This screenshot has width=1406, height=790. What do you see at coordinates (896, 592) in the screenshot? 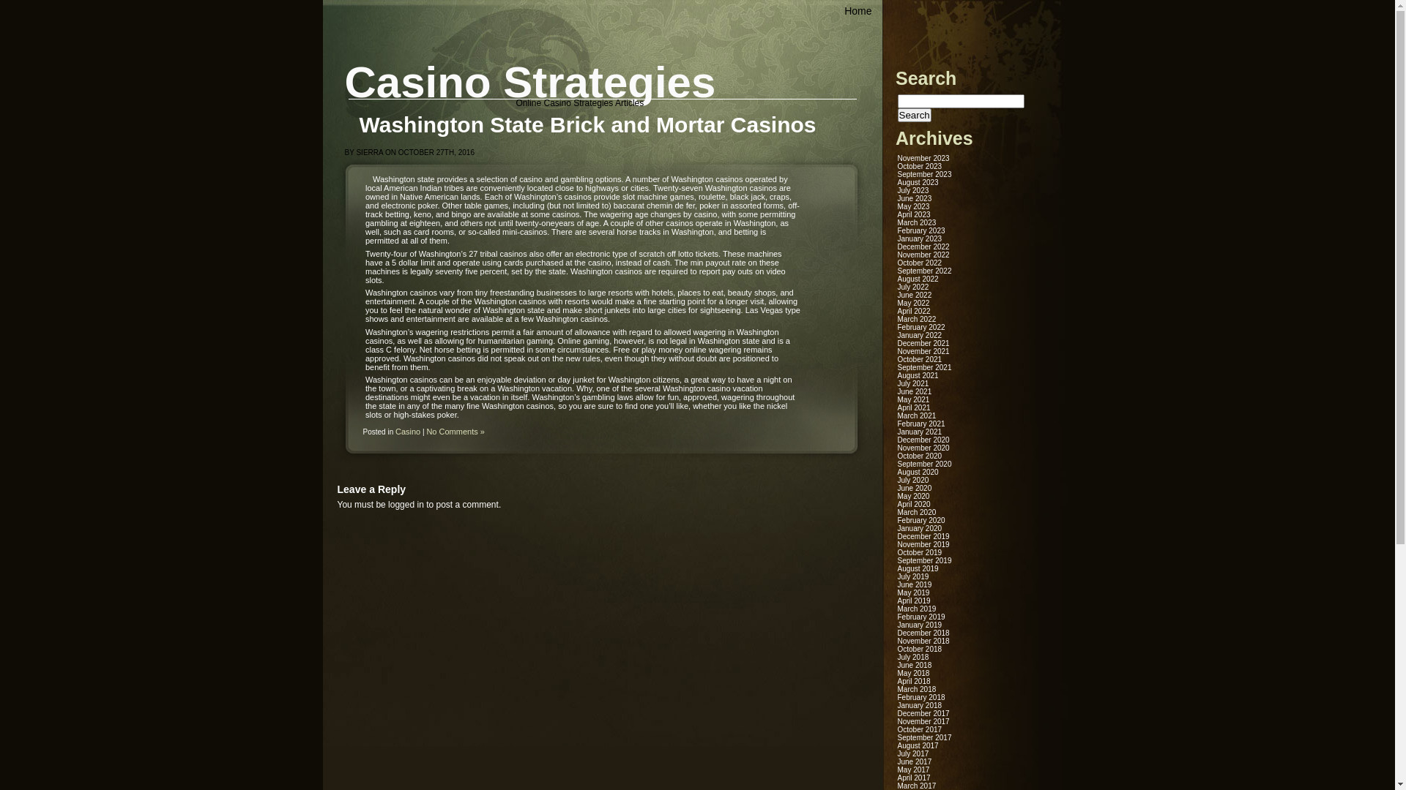
I see `'May 2019'` at bounding box center [896, 592].